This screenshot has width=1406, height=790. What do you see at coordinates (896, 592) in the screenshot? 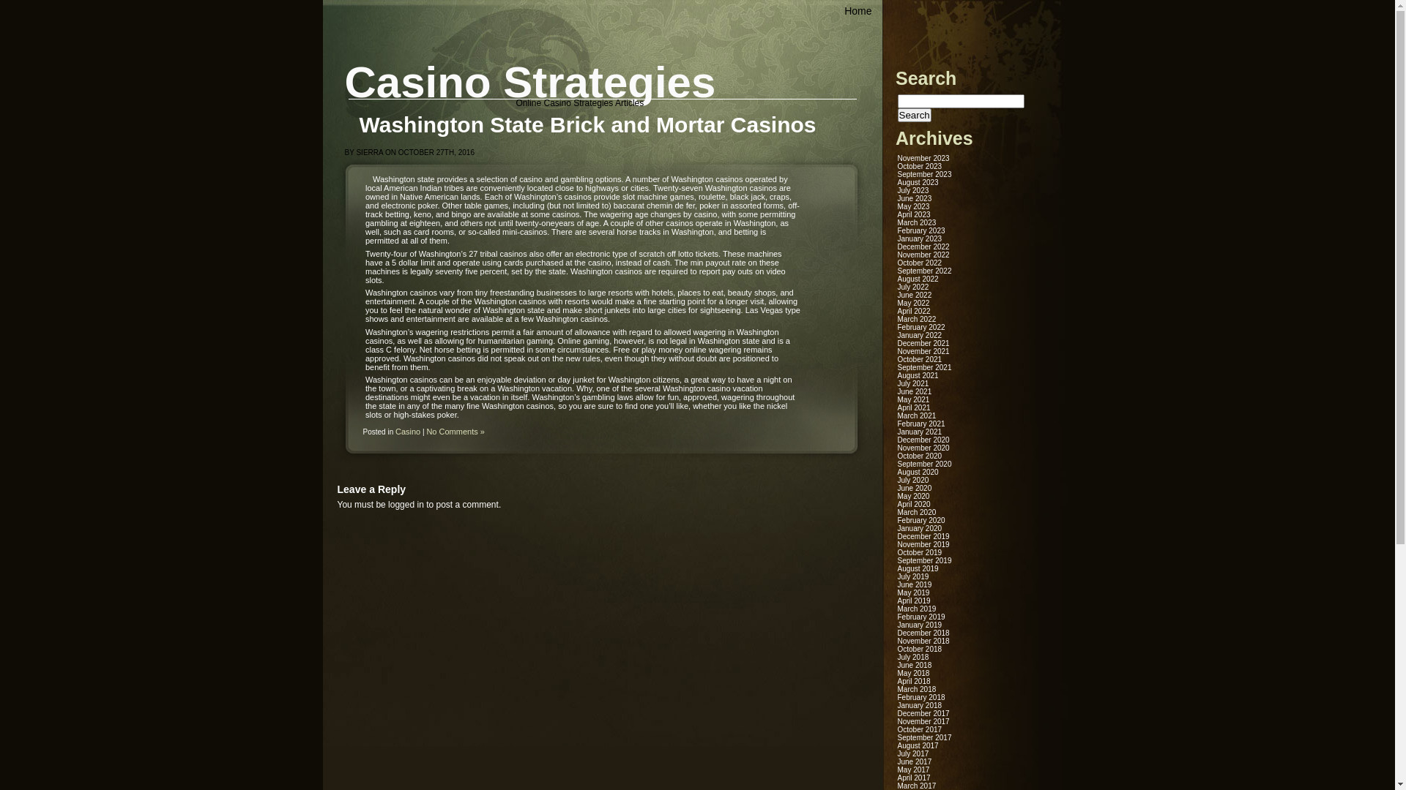
I see `'May 2019'` at bounding box center [896, 592].